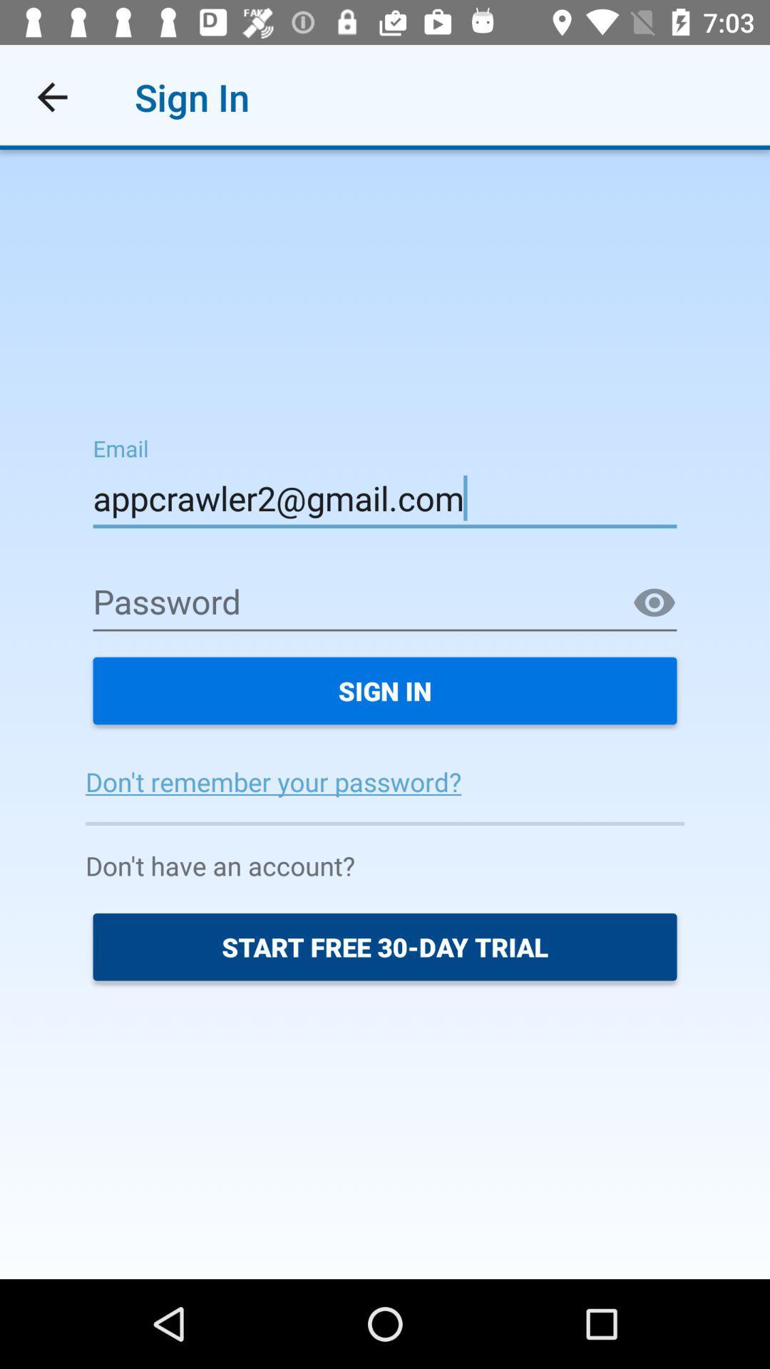  What do you see at coordinates (654, 603) in the screenshot?
I see `the visibility icon` at bounding box center [654, 603].